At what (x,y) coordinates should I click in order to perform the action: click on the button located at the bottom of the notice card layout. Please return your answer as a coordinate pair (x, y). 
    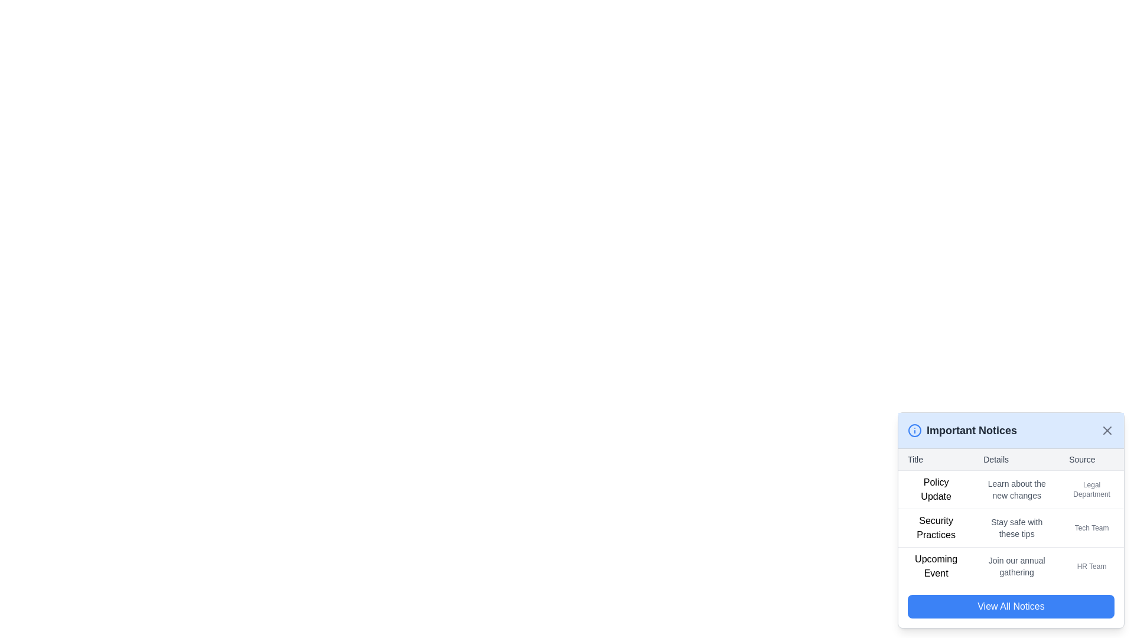
    Looking at the image, I should click on (1011, 606).